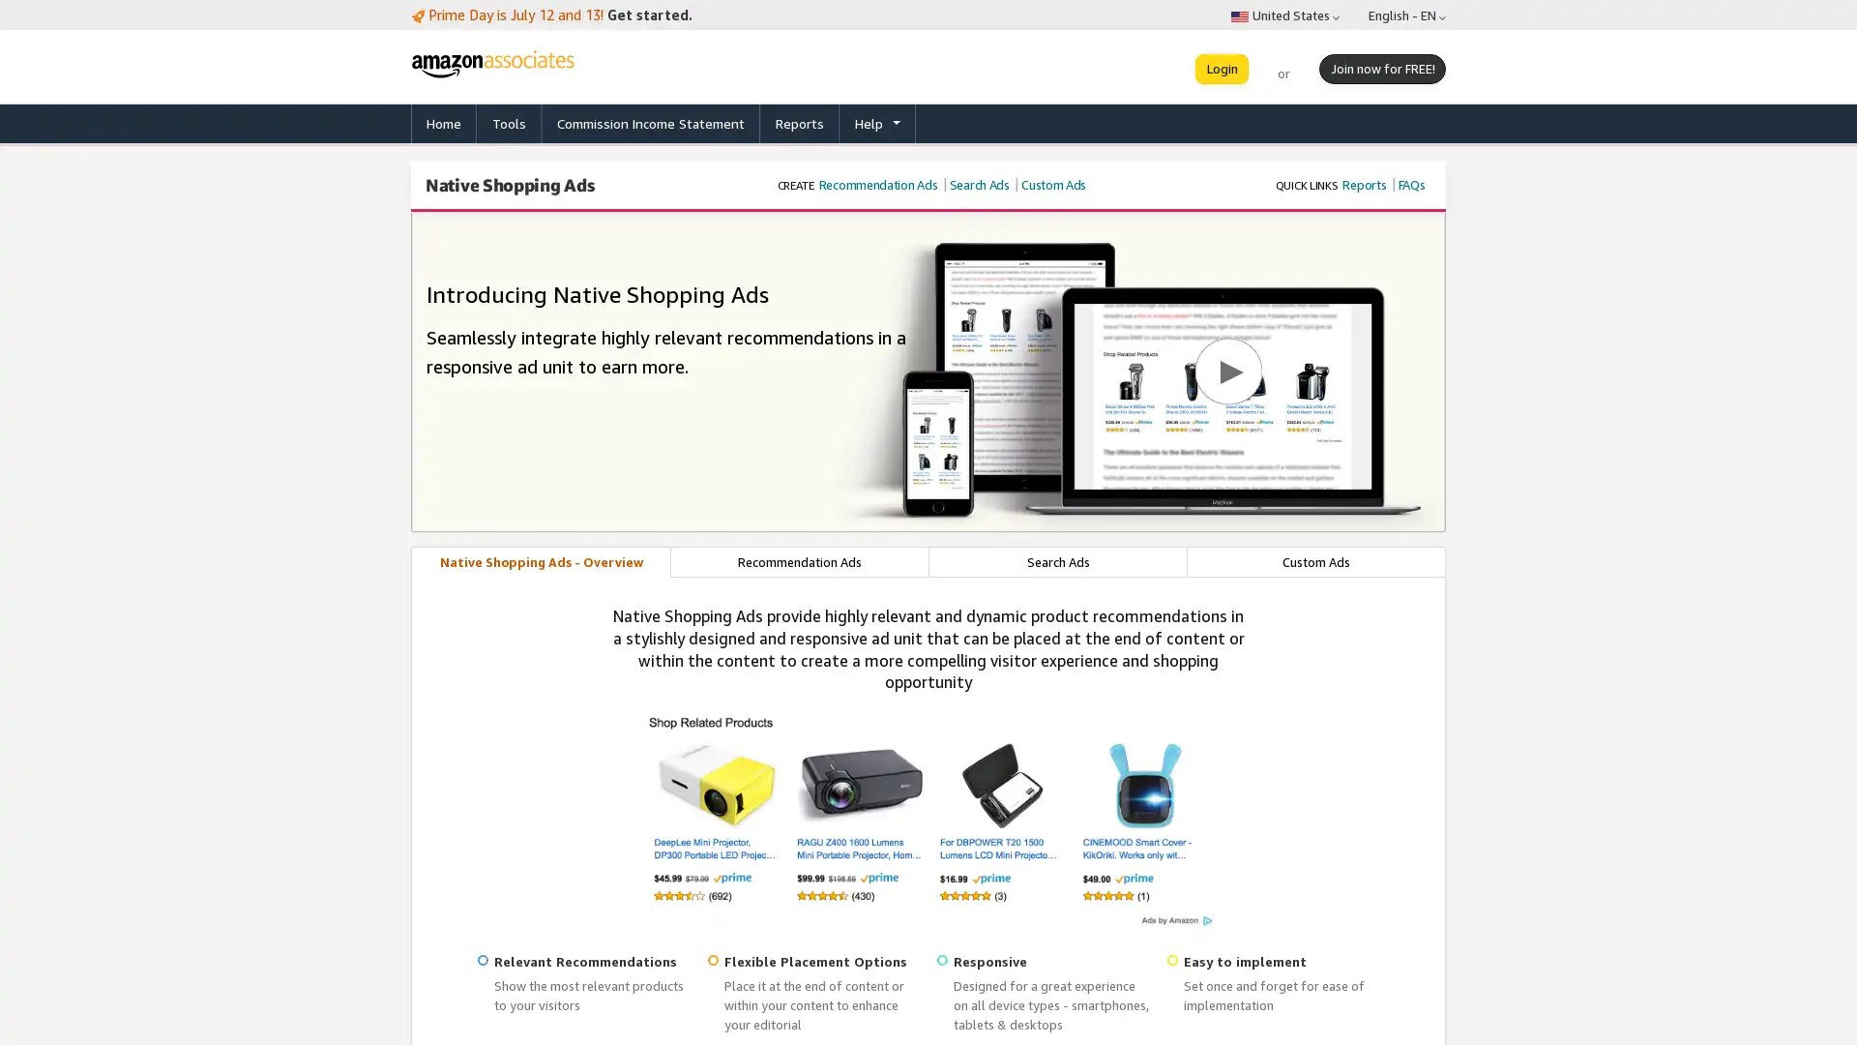  I want to click on English - EN, so click(1406, 15).